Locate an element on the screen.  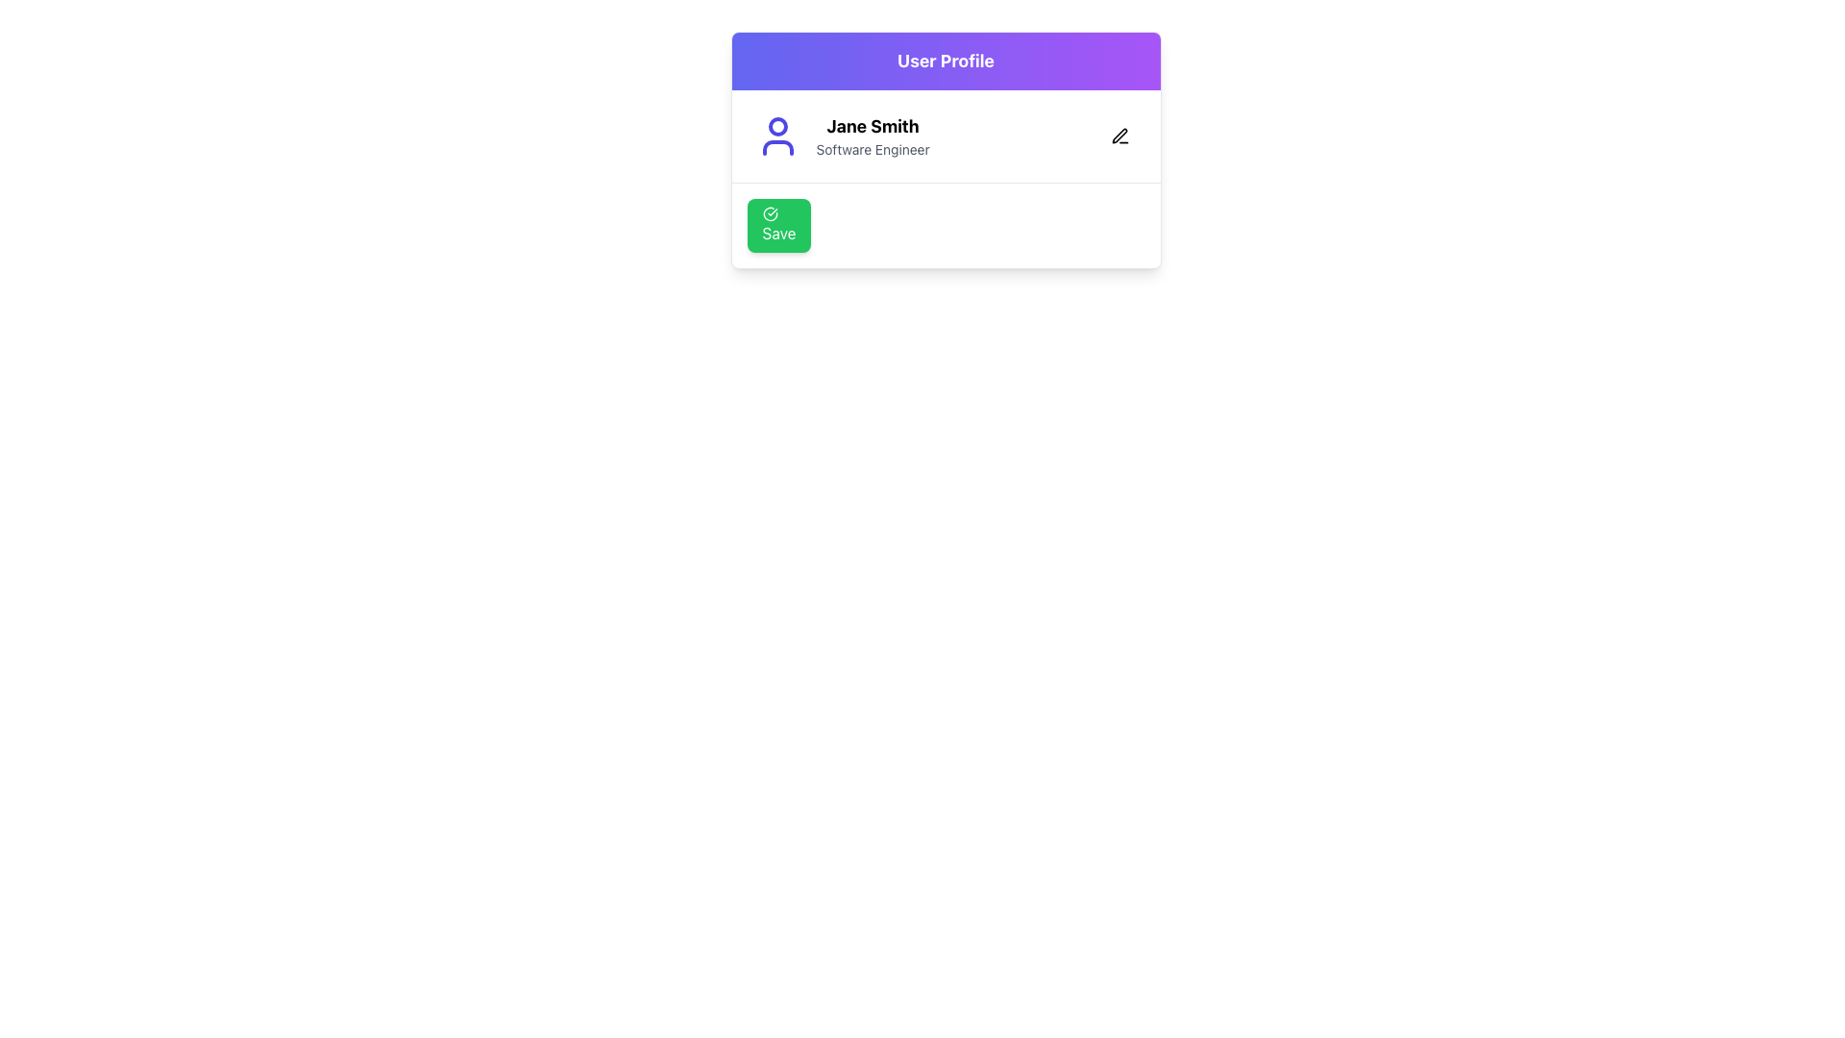
the text label displaying the name 'Jane Smith', which is prominently located at the top of the user profile card, above the subtitle 'Software Engineer' is located at coordinates (872, 126).